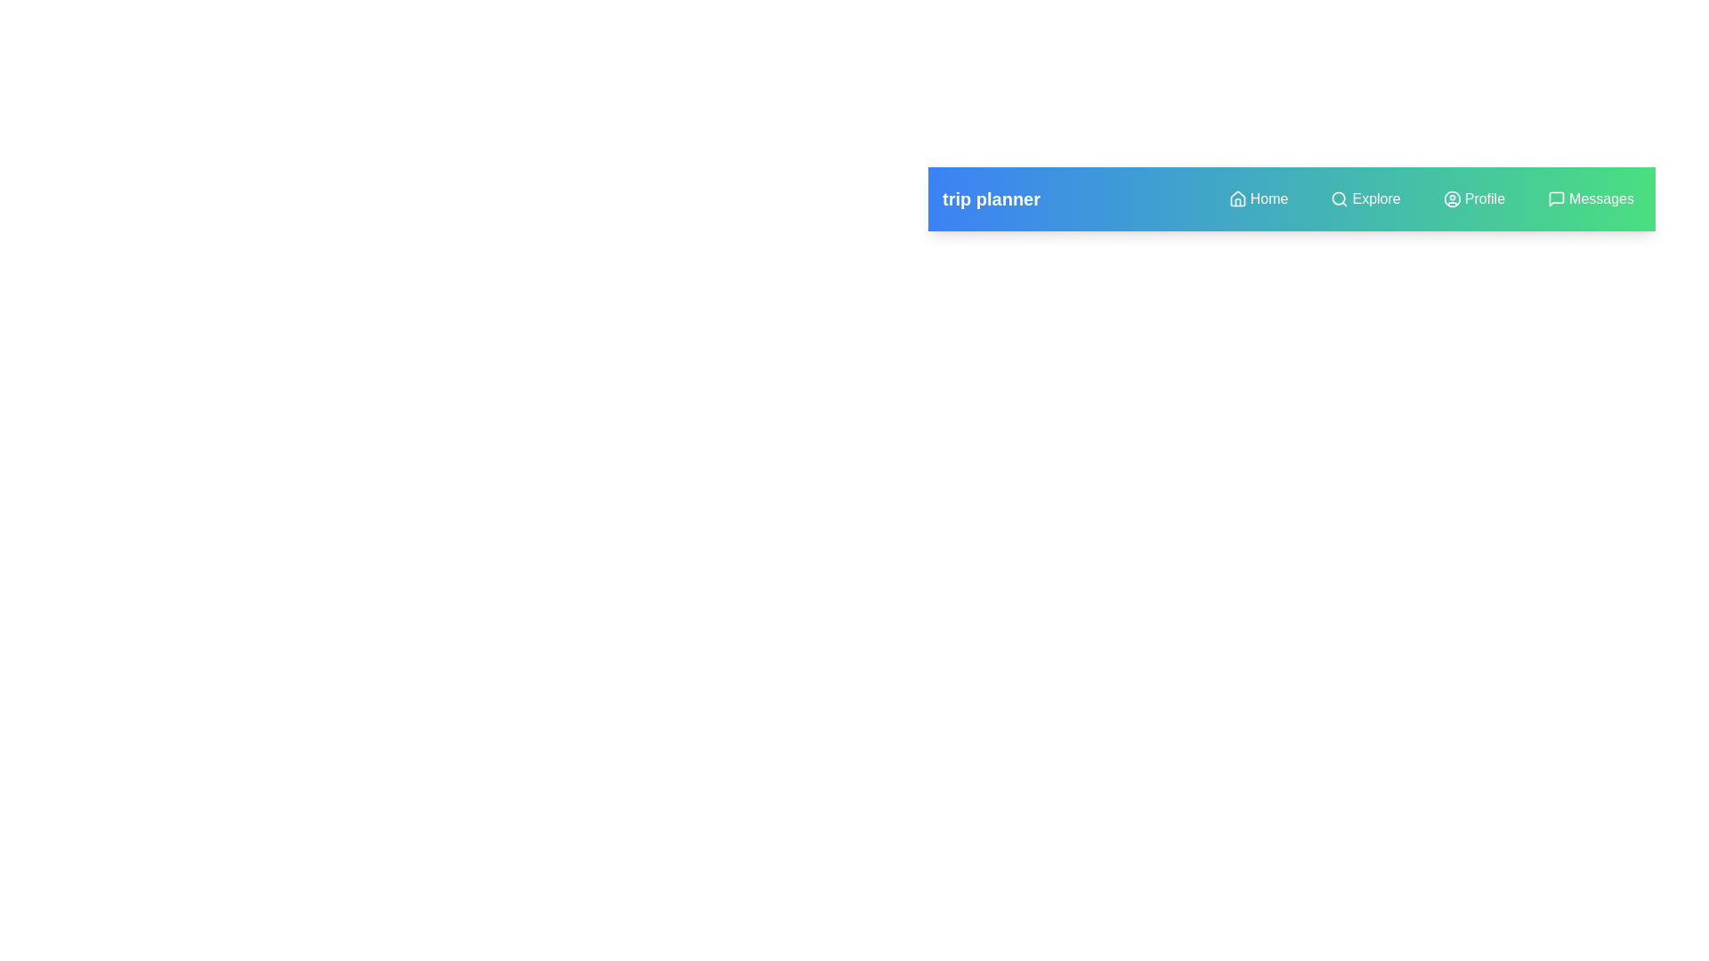 This screenshot has width=1709, height=961. Describe the element at coordinates (1365, 198) in the screenshot. I see `the navigation menu item Explore to navigate to the respective section` at that location.